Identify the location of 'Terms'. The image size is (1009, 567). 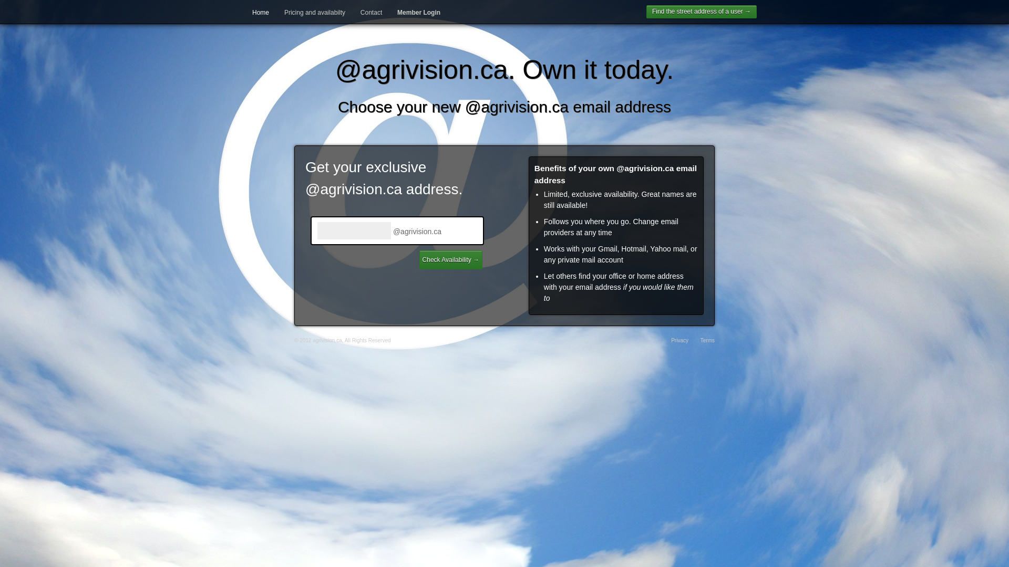
(707, 340).